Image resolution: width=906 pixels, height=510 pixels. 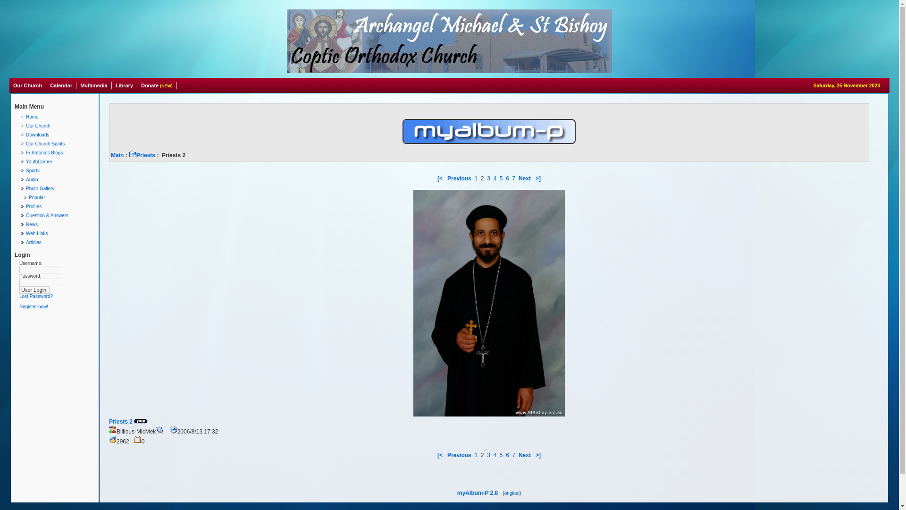 I want to click on 'Register now!', so click(x=34, y=306).